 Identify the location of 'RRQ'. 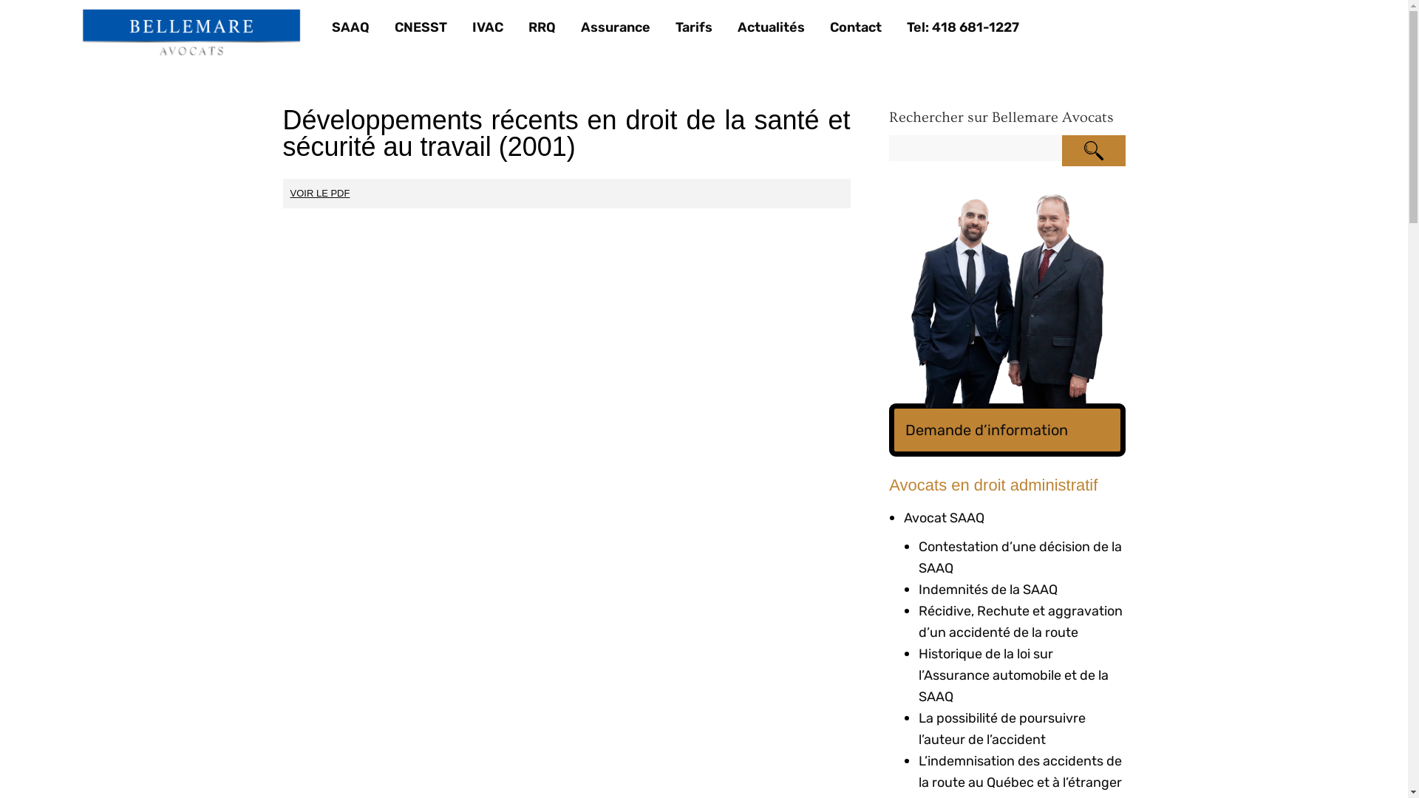
(541, 27).